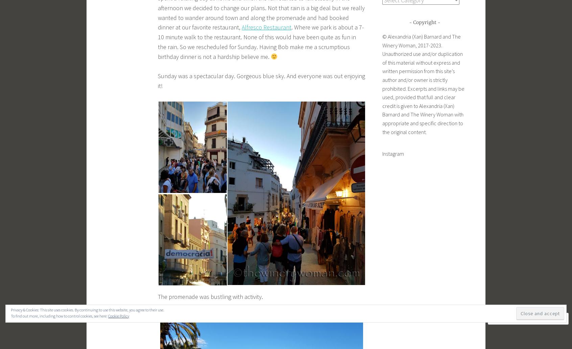 The height and width of the screenshot is (349, 572). What do you see at coordinates (424, 22) in the screenshot?
I see `'Copyright'` at bounding box center [424, 22].